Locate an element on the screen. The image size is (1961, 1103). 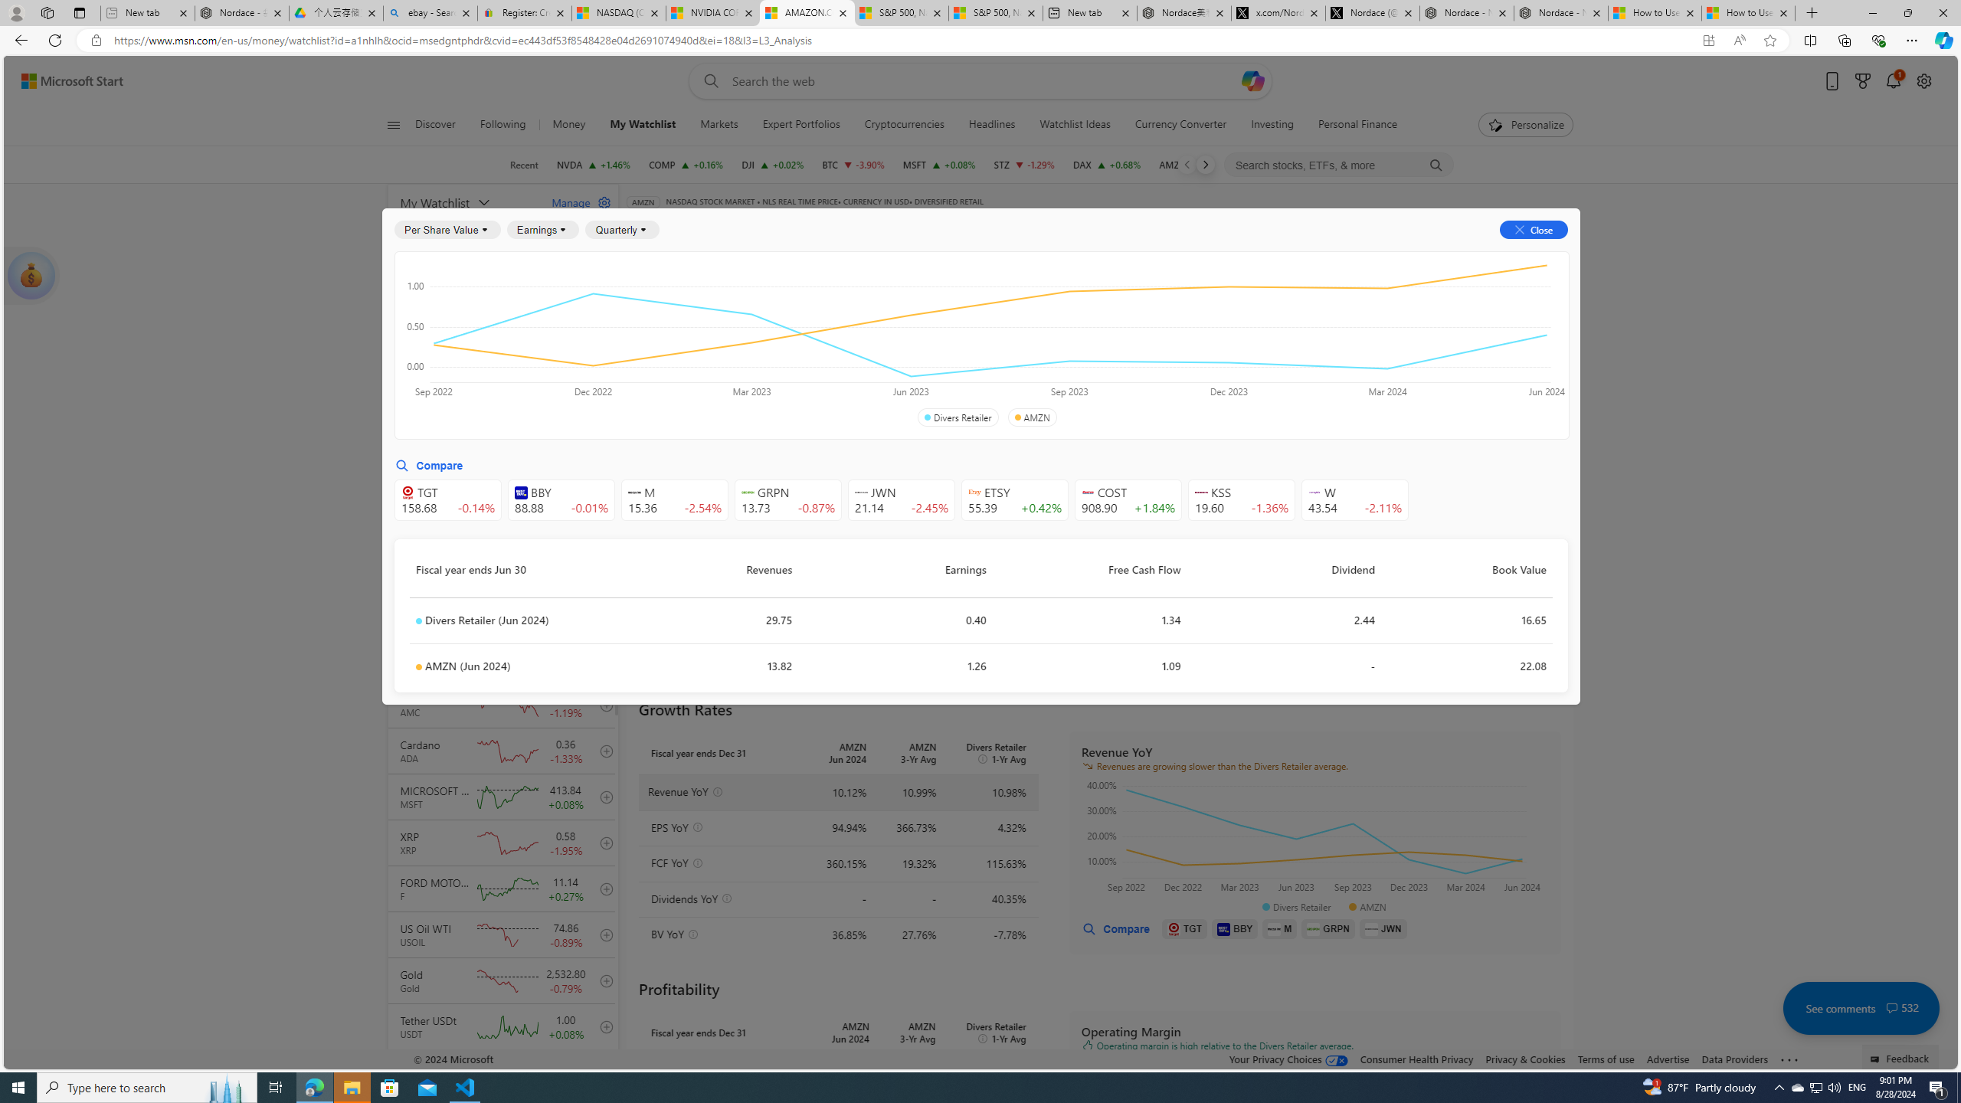
'Your Privacy Choices' is located at coordinates (1289, 1059).